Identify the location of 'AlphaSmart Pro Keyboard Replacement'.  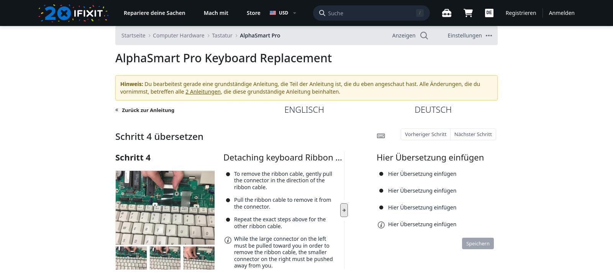
(223, 57).